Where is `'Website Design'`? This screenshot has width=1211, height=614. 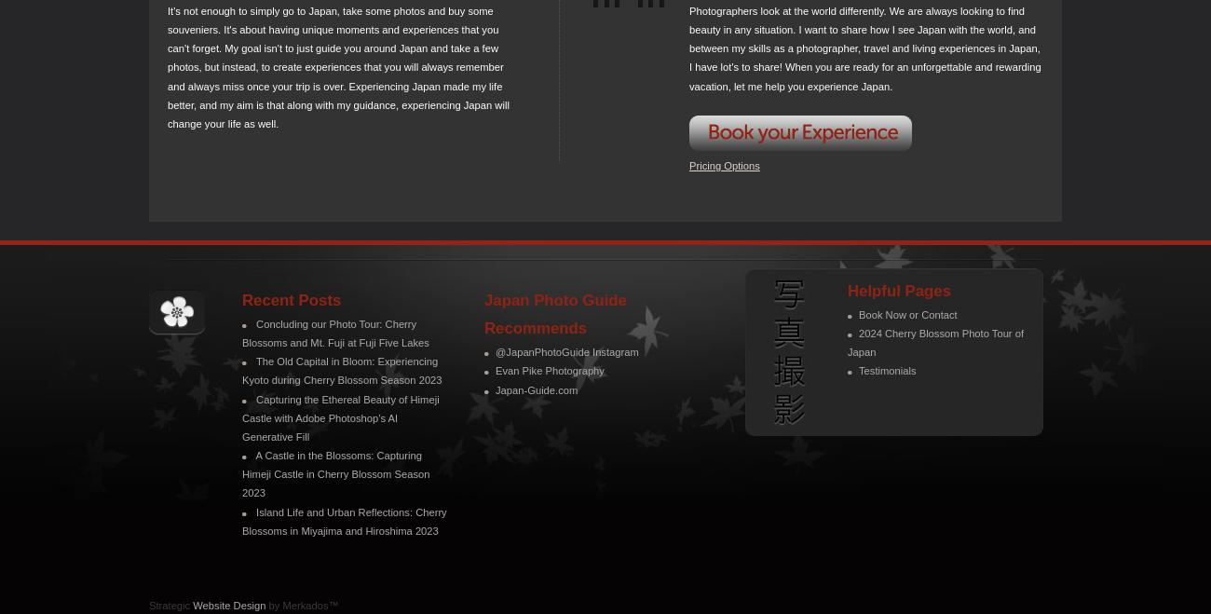
'Website Design' is located at coordinates (227, 603).